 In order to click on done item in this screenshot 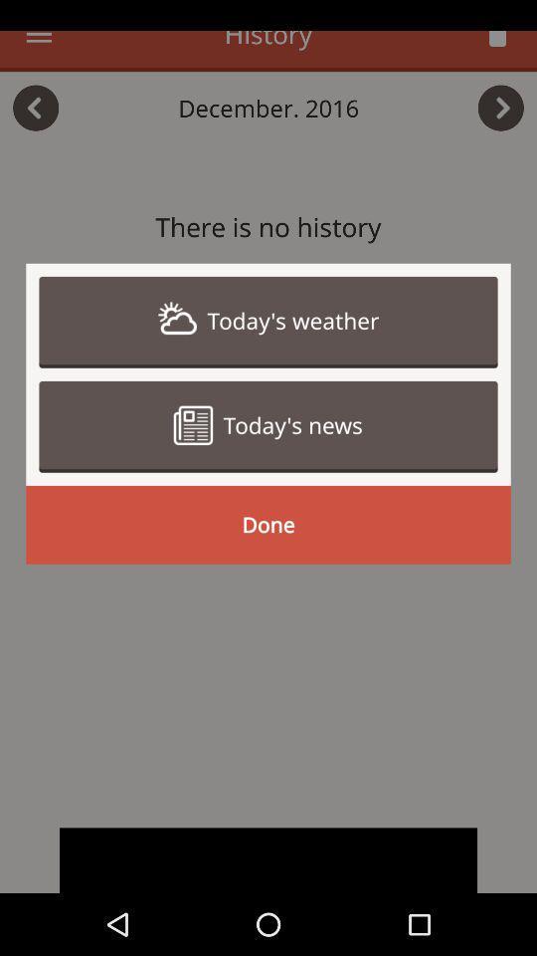, I will do `click(268, 524)`.